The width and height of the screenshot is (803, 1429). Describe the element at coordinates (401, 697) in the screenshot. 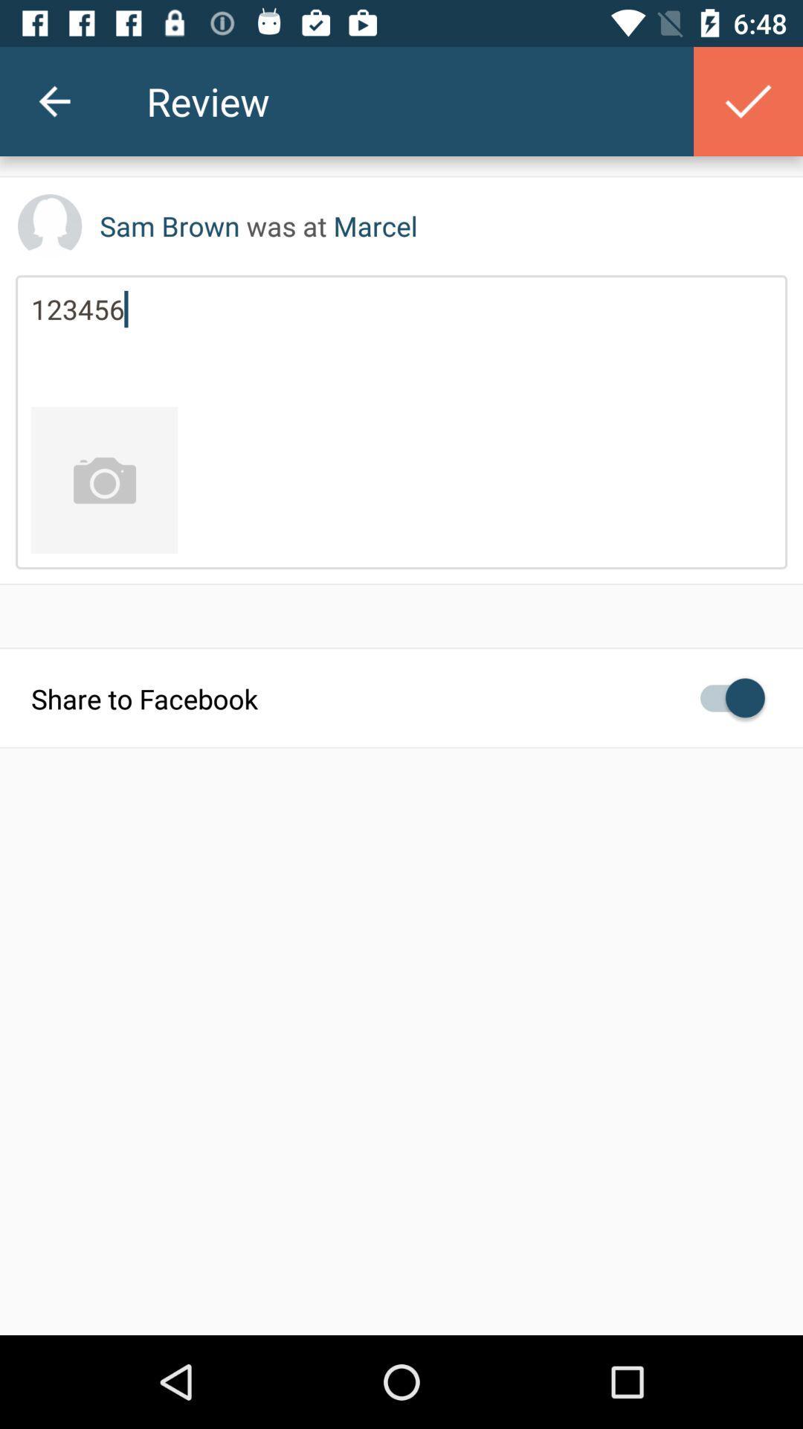

I see `share to facebook at the center` at that location.